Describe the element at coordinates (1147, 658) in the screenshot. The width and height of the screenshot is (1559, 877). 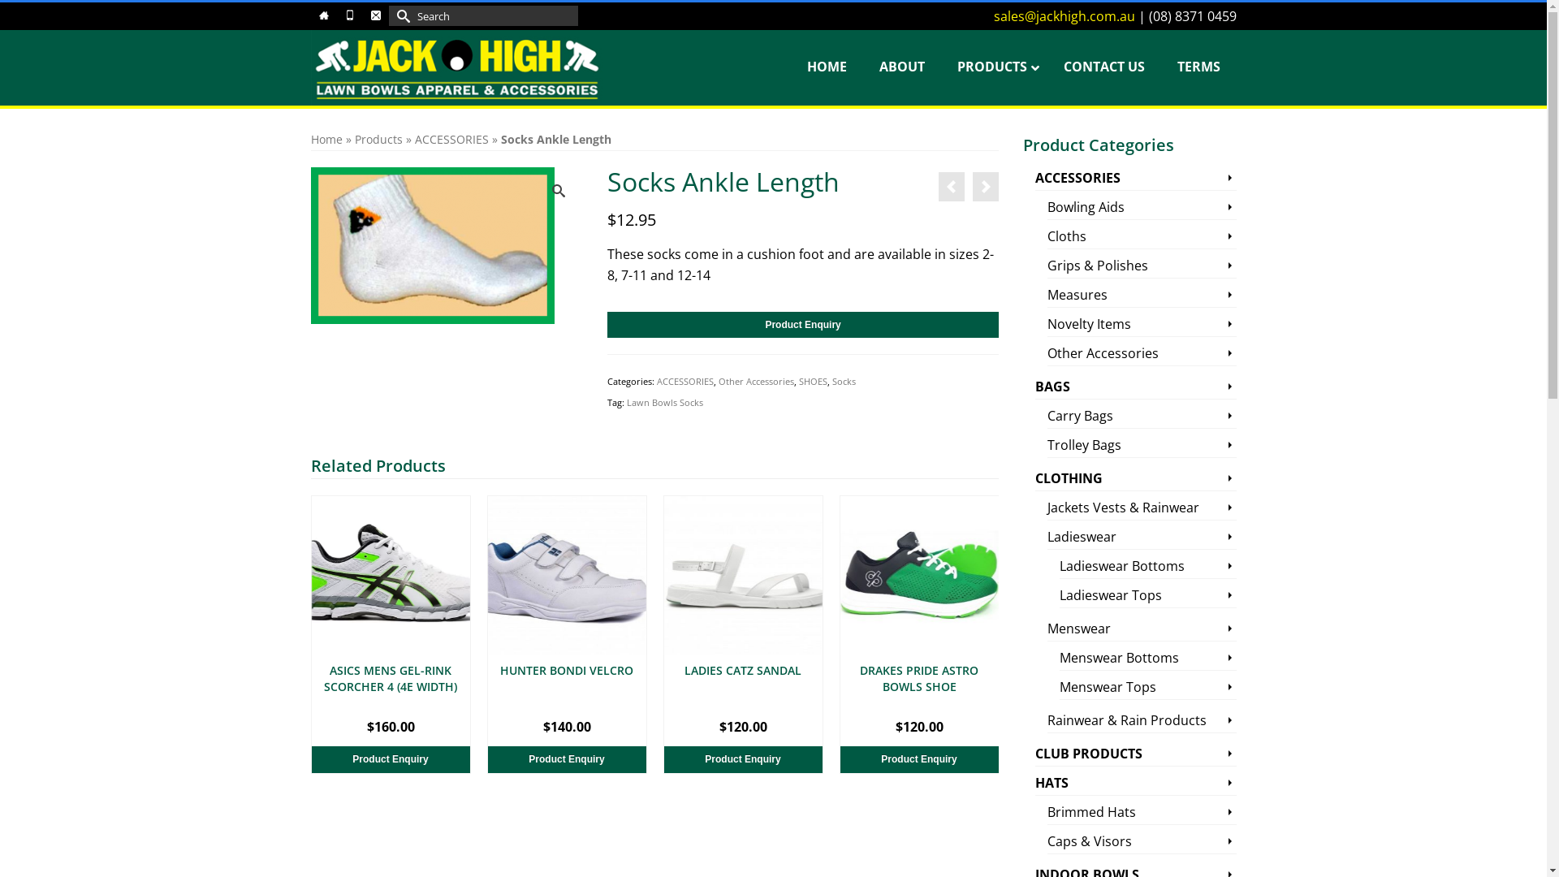
I see `'Menswear Bottoms'` at that location.